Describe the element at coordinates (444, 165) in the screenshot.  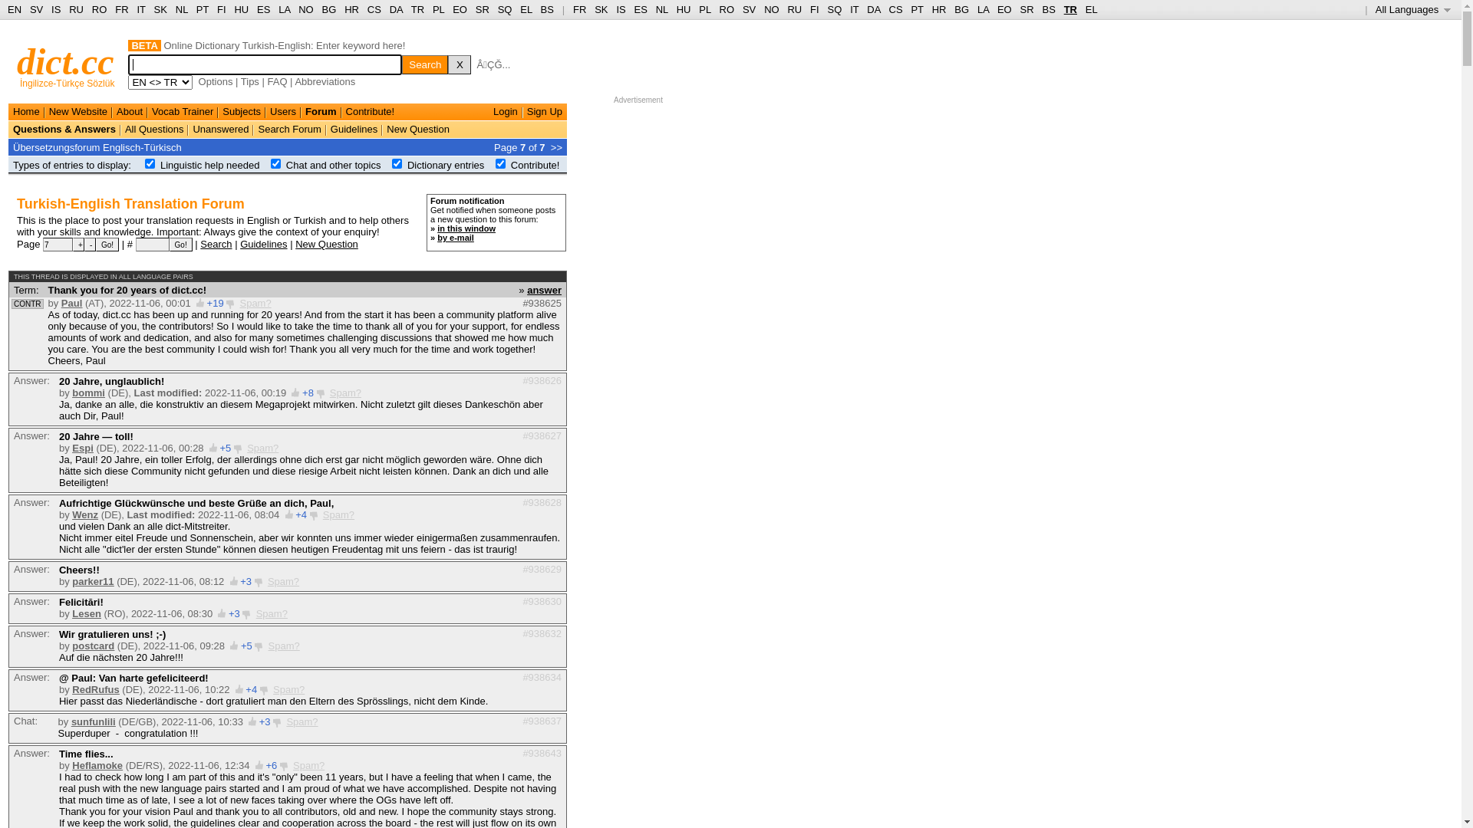
I see `'Dictionary entries'` at that location.